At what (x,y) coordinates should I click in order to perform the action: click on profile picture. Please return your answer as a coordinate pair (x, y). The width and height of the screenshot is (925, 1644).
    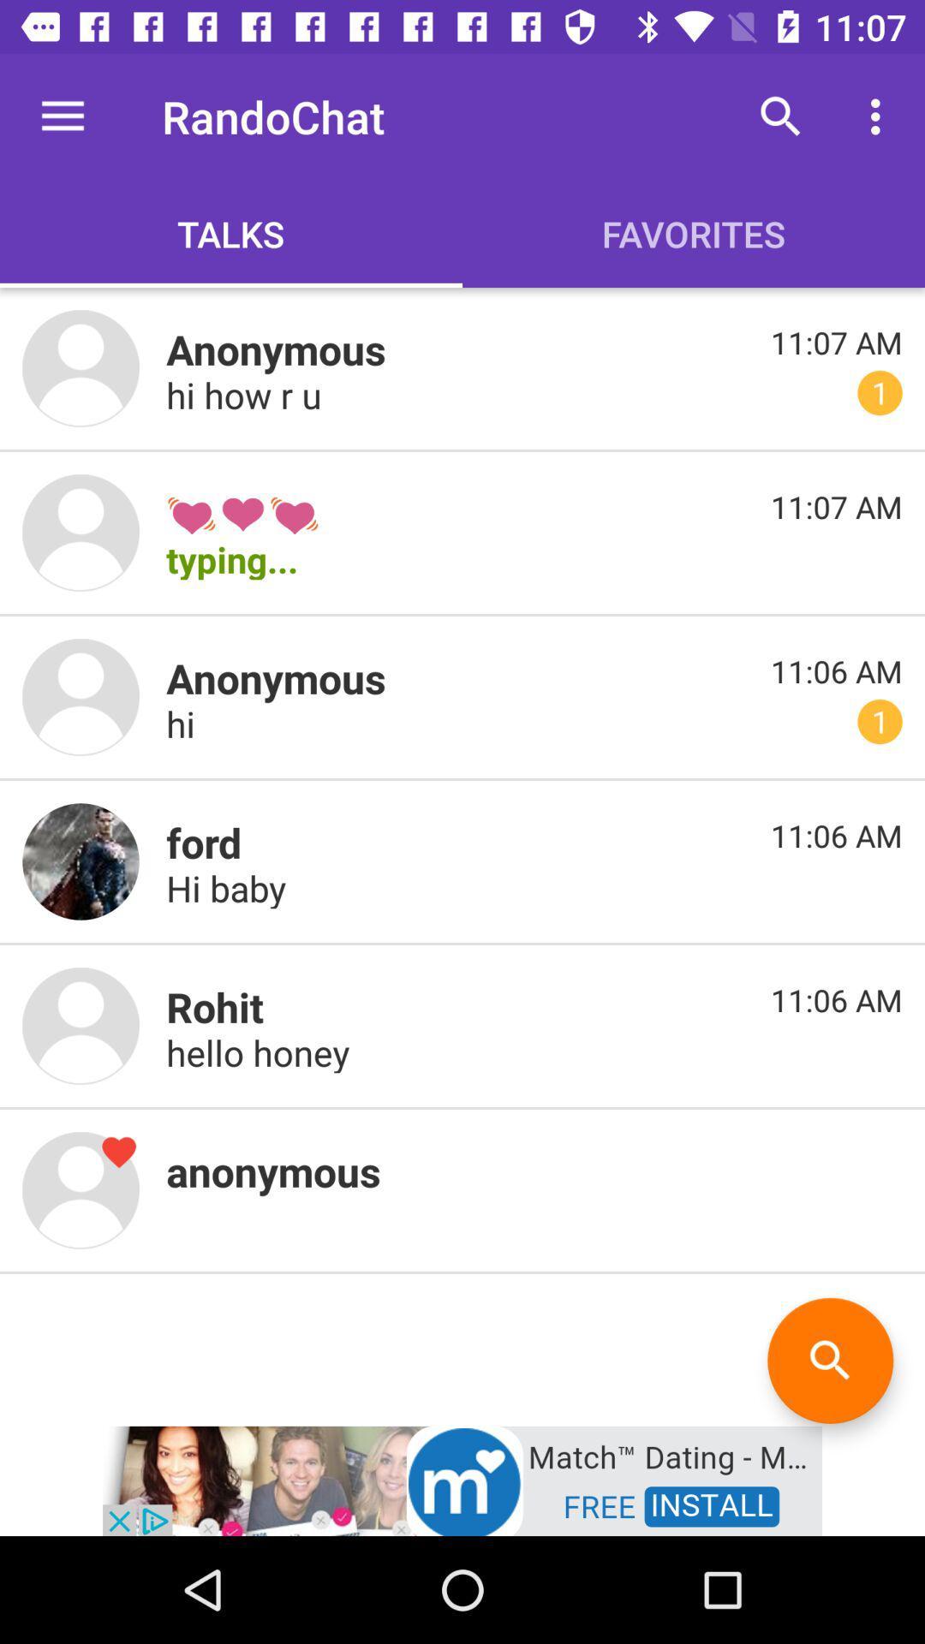
    Looking at the image, I should click on (81, 861).